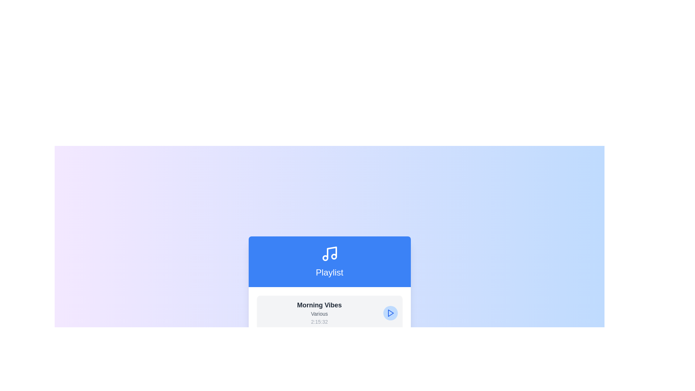  What do you see at coordinates (390, 312) in the screenshot?
I see `the Play Button icon located to the right of the 'Morning Vibes' playlist item` at bounding box center [390, 312].